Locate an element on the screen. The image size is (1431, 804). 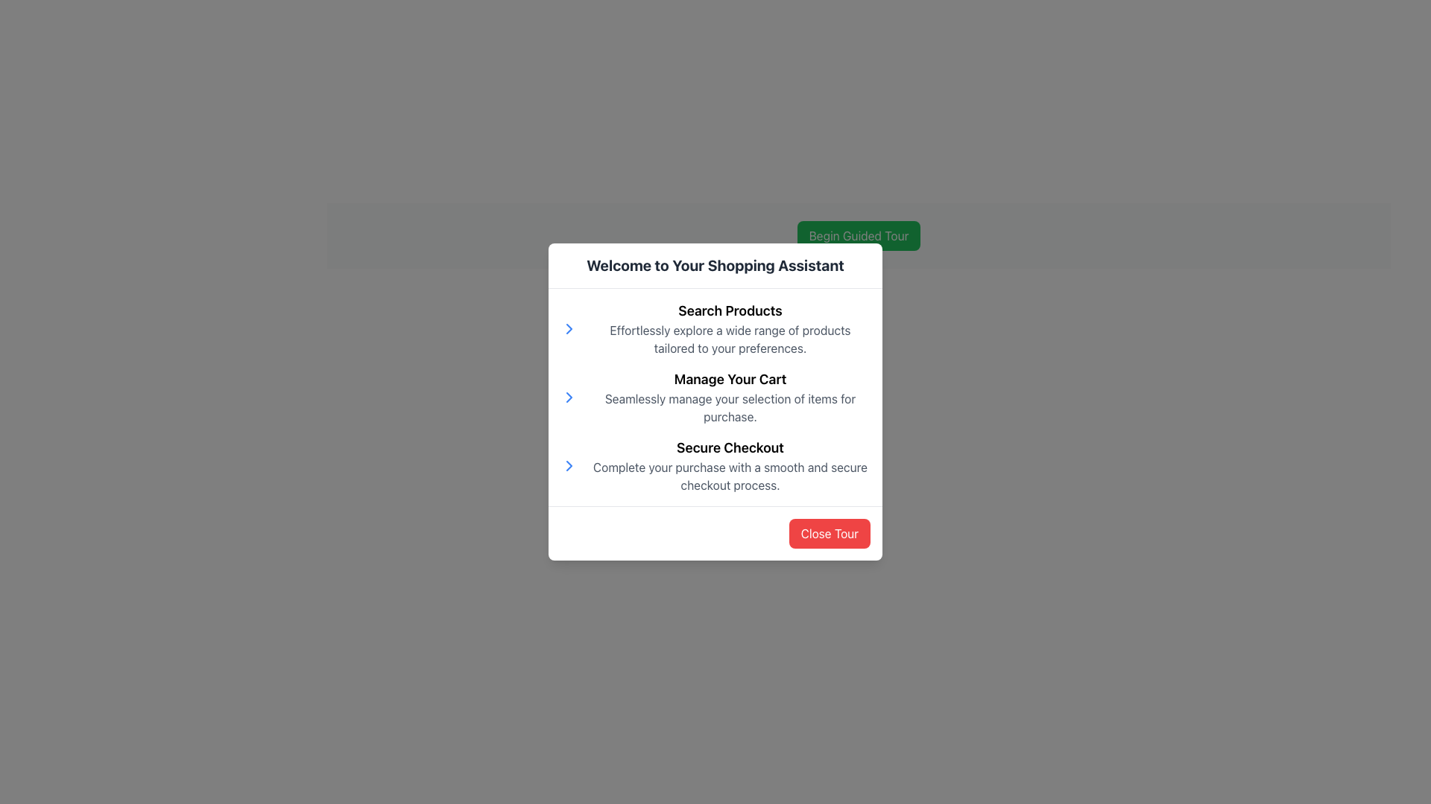
the 'Begin Guided Tour' button is located at coordinates (859, 234).